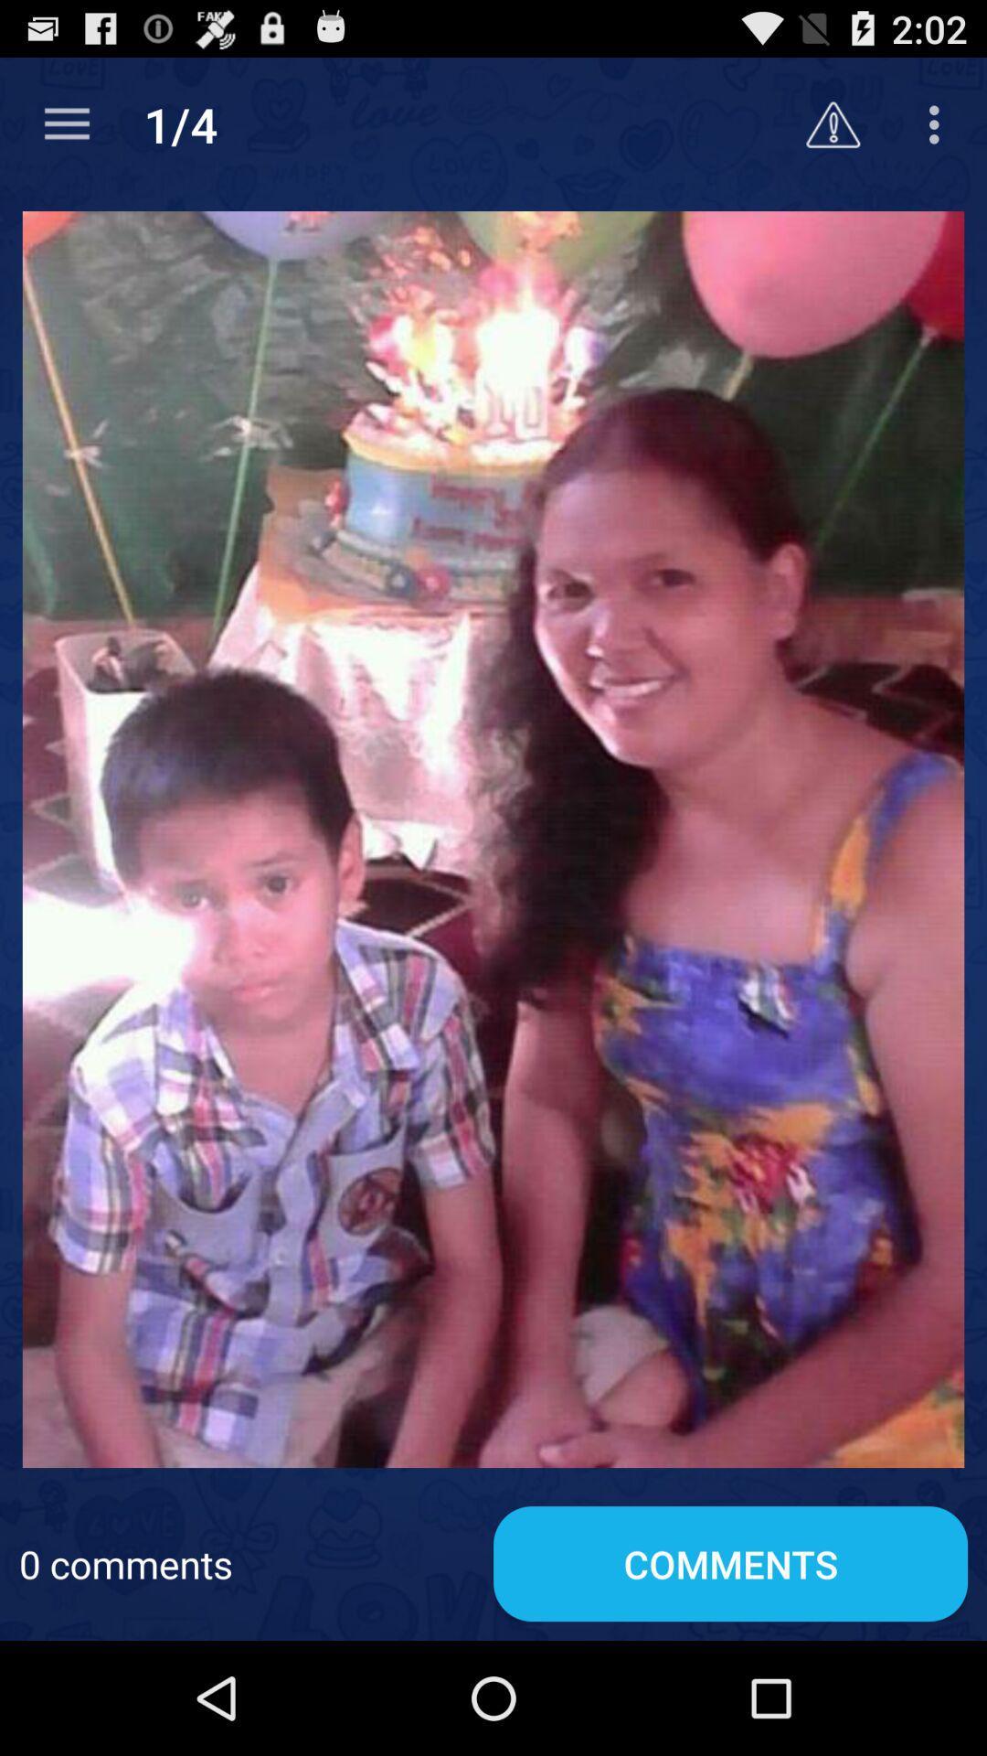 The image size is (987, 1756). Describe the element at coordinates (66, 123) in the screenshot. I see `the item next to the 1/4 app` at that location.